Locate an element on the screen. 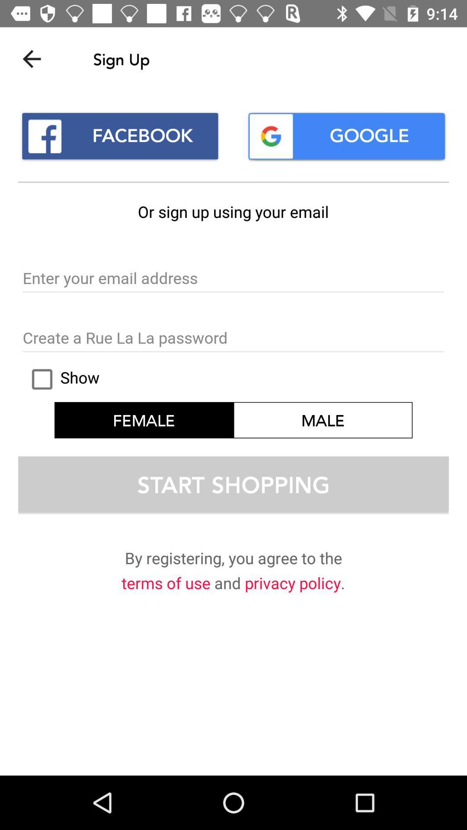 Image resolution: width=467 pixels, height=830 pixels. your email address is located at coordinates (233, 279).